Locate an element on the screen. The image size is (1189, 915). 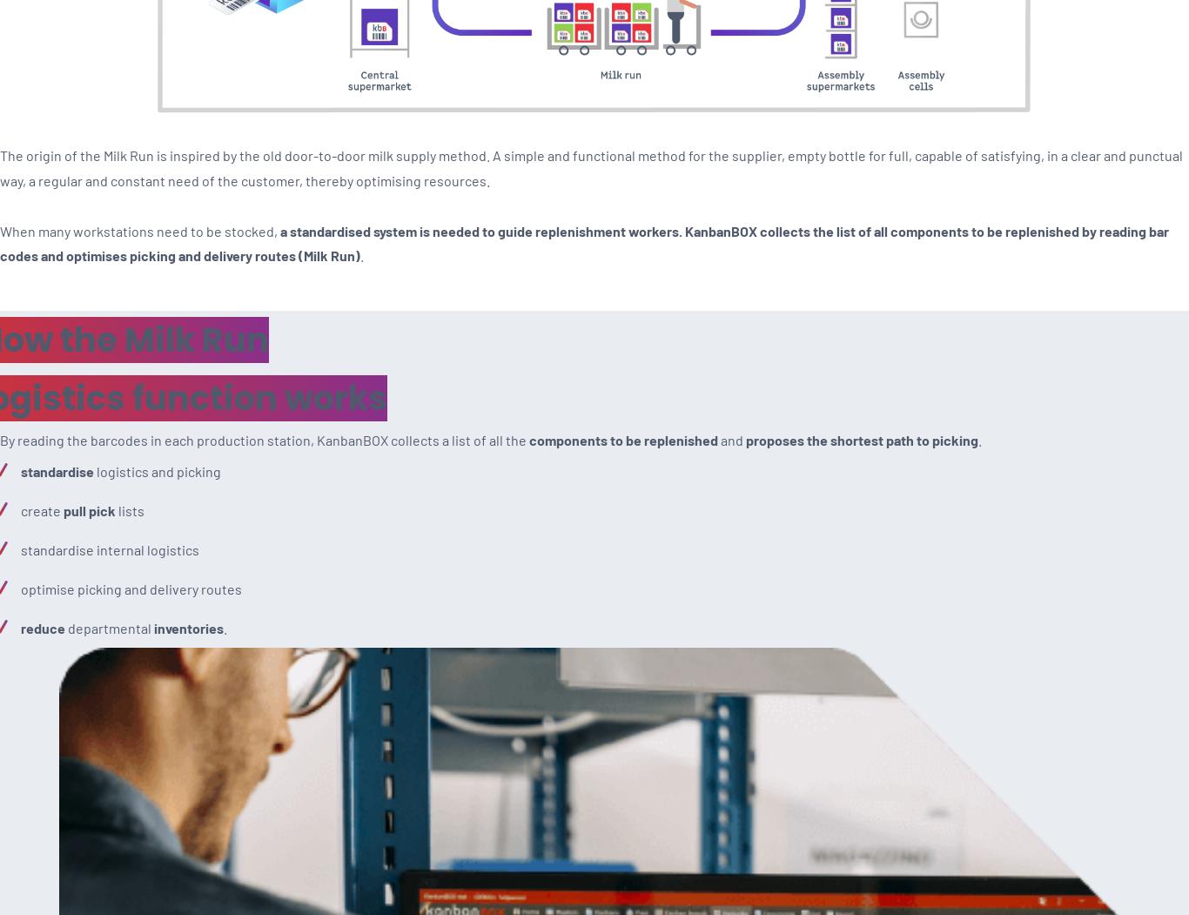
'Blog' is located at coordinates (29, 339).